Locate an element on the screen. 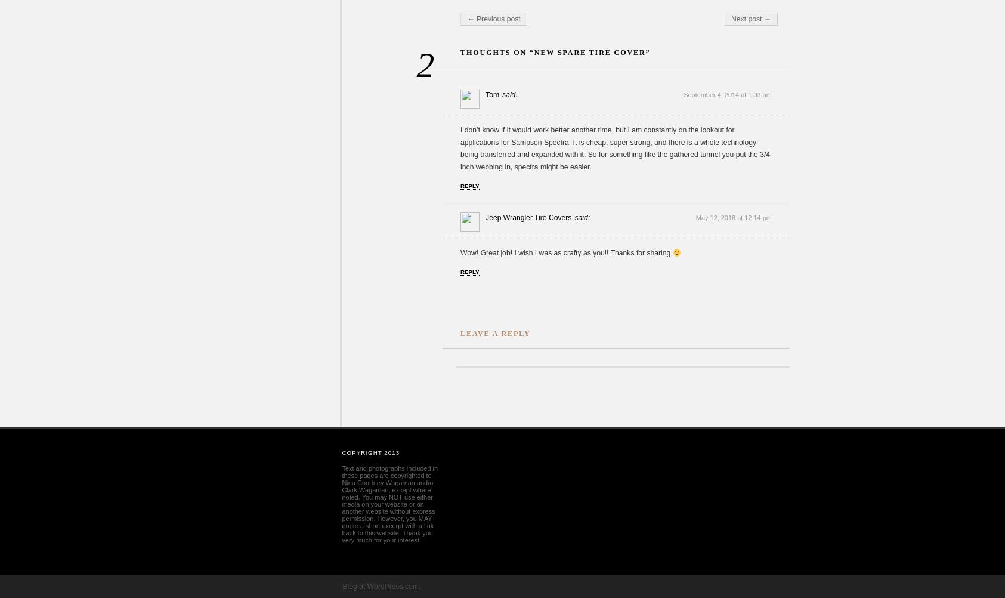 This screenshot has width=1005, height=598. 'Leave a Reply' is located at coordinates (494, 333).